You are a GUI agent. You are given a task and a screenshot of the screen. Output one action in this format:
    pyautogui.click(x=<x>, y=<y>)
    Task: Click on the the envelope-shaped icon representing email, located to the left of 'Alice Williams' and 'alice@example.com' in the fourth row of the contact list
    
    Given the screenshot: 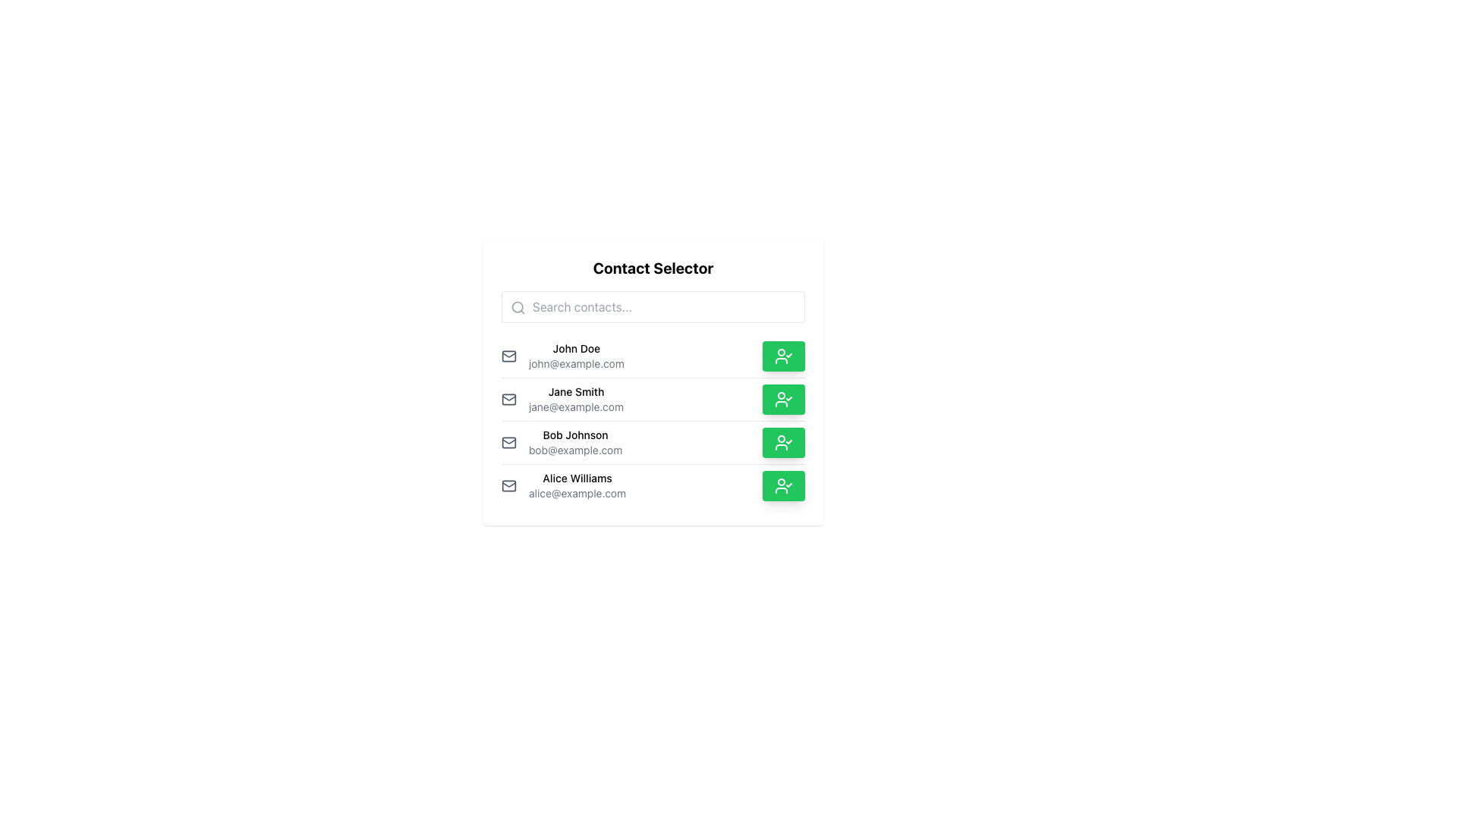 What is the action you would take?
    pyautogui.click(x=509, y=485)
    